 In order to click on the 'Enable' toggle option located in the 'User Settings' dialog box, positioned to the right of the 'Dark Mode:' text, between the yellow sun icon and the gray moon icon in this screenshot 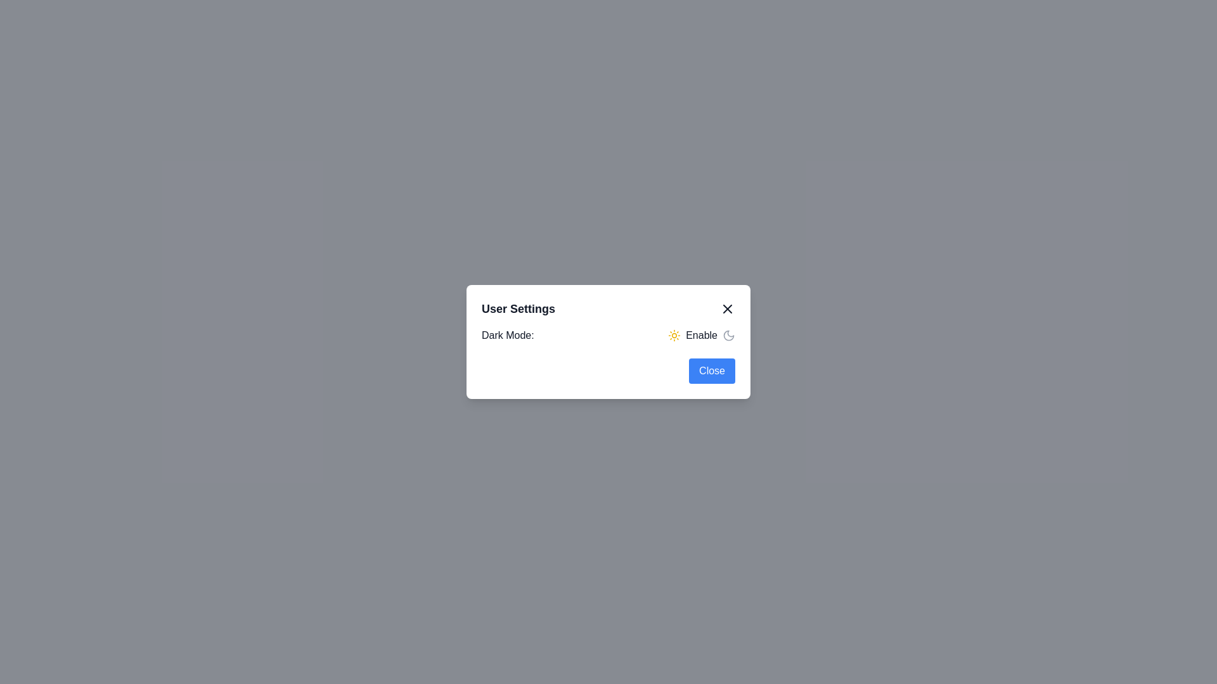, I will do `click(701, 334)`.